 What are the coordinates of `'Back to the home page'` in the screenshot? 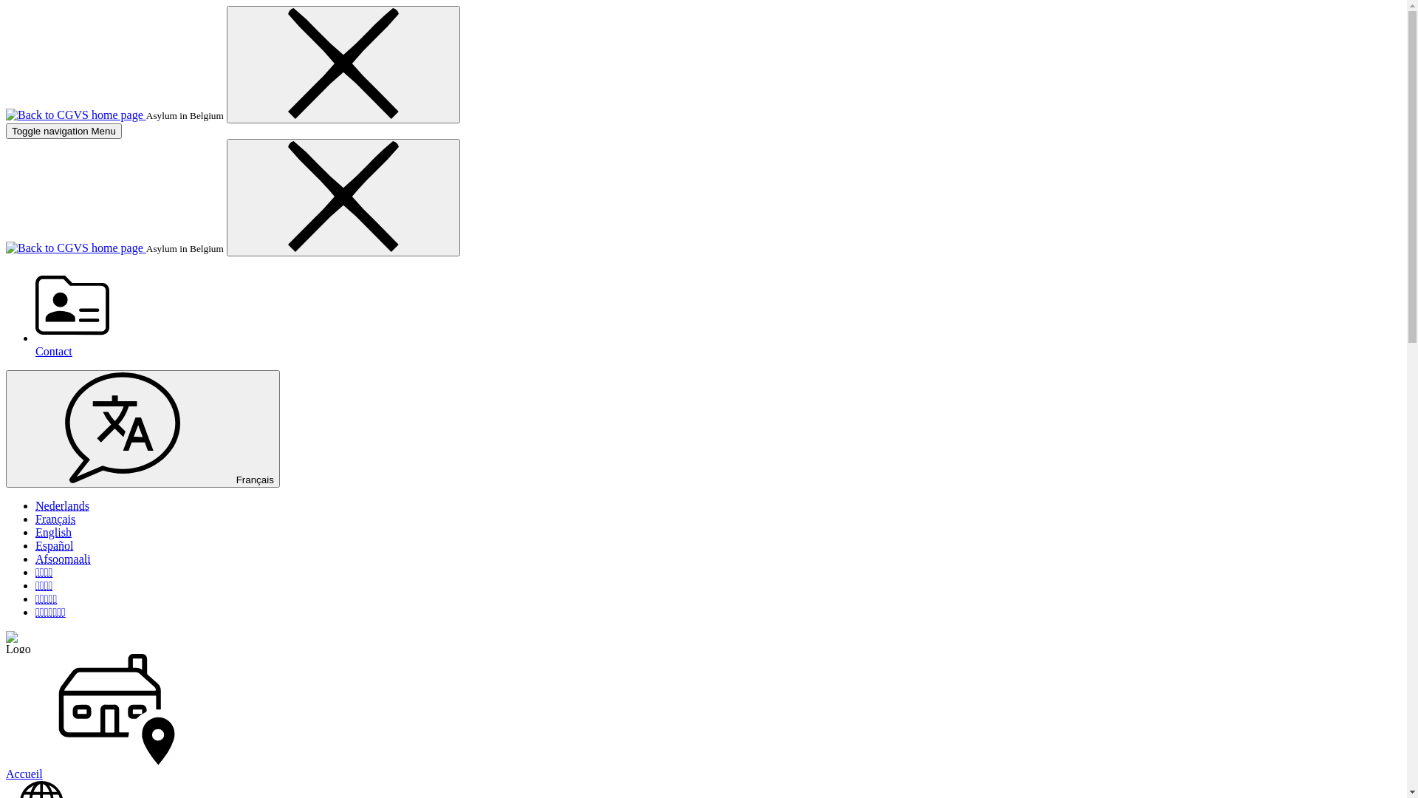 It's located at (75, 114).